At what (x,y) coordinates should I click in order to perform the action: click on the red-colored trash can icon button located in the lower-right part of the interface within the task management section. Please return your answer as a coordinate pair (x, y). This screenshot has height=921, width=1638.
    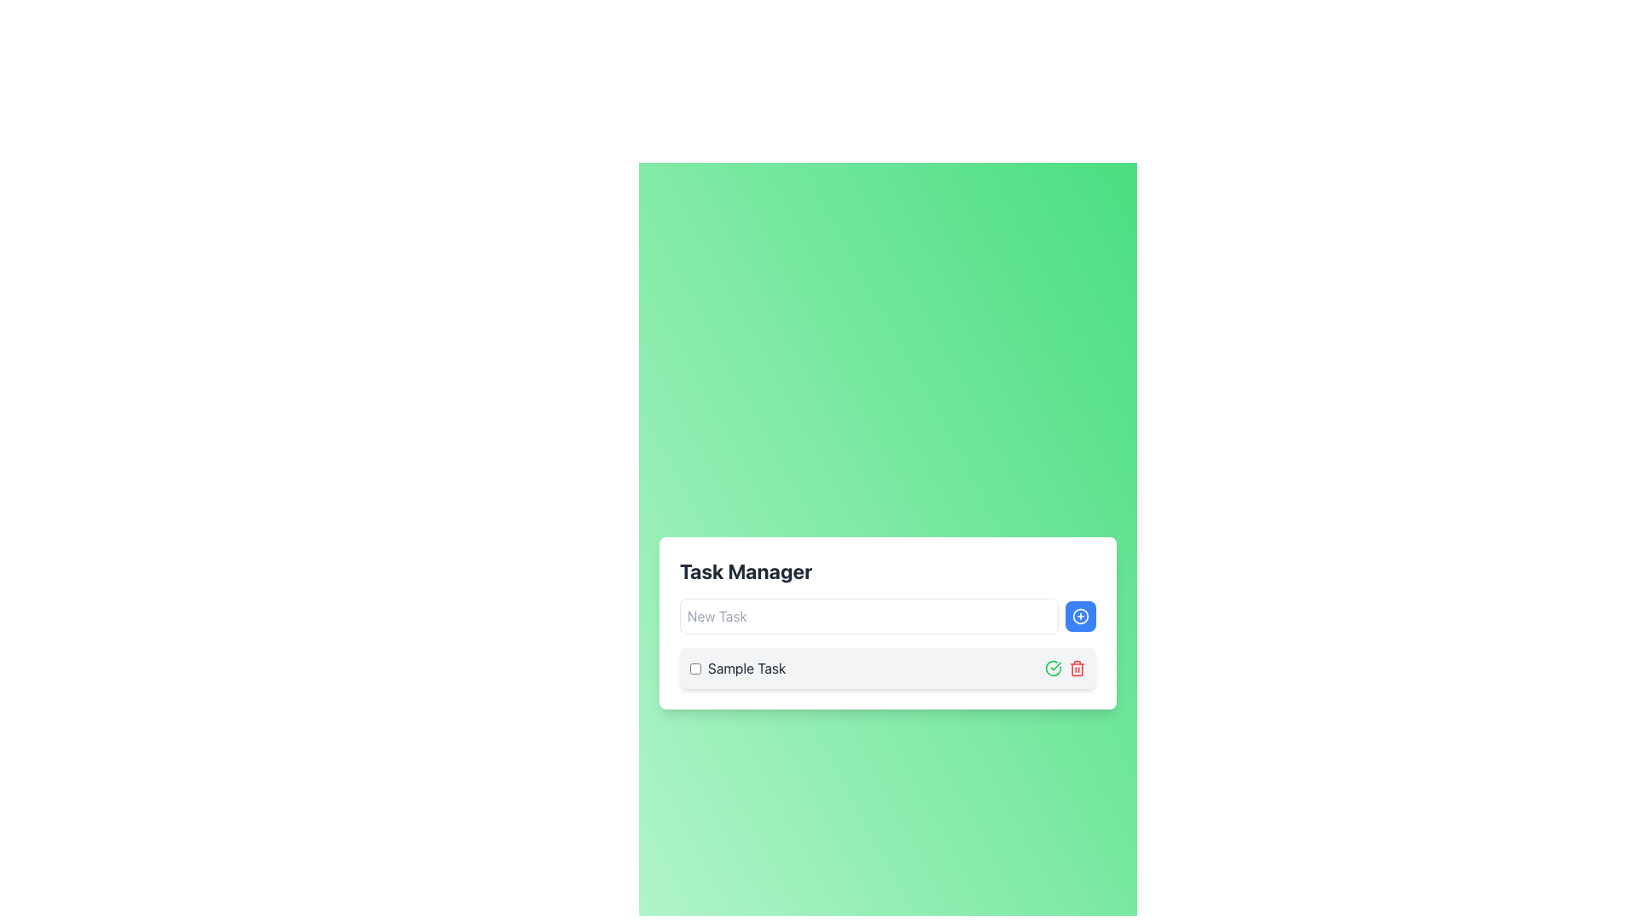
    Looking at the image, I should click on (1076, 667).